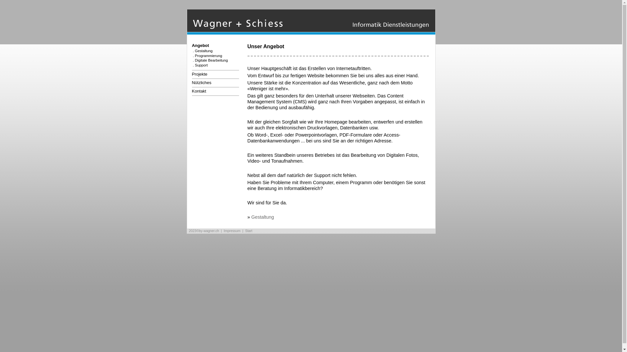 The height and width of the screenshot is (352, 627). Describe the element at coordinates (199, 74) in the screenshot. I see `'Projekte'` at that location.